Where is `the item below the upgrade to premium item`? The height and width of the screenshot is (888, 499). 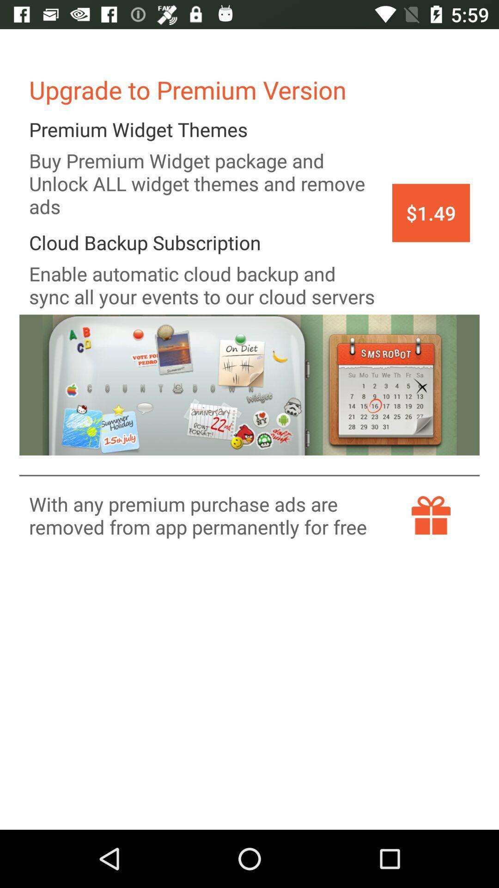 the item below the upgrade to premium item is located at coordinates (431, 212).